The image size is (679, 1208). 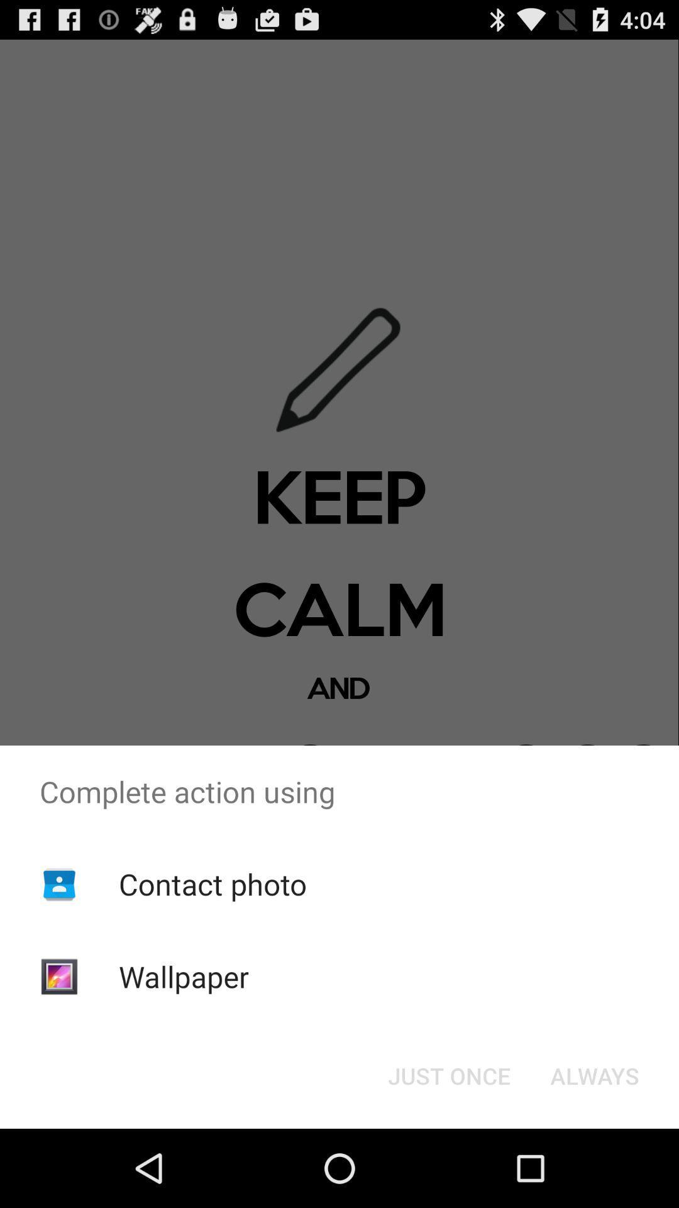 I want to click on the wallpaper item, so click(x=184, y=976).